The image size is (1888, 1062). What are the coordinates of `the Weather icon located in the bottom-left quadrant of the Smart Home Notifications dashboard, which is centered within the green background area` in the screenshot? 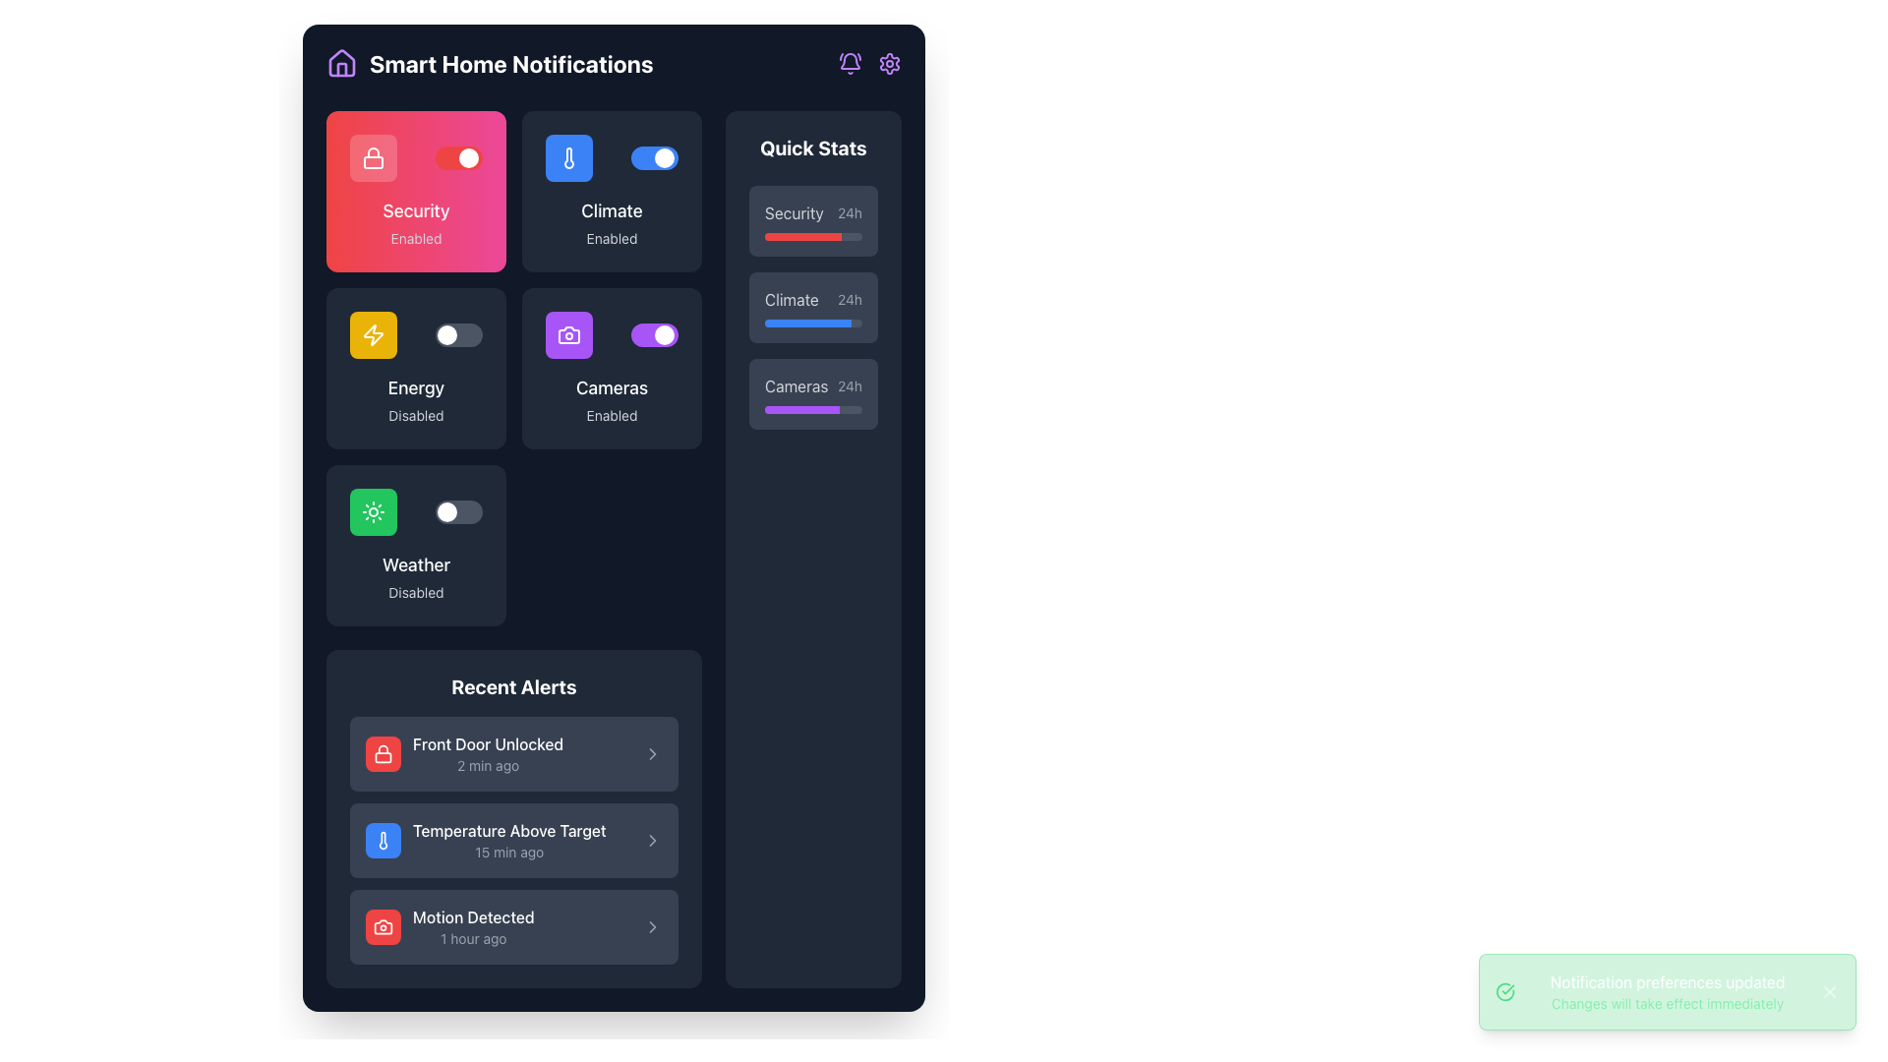 It's located at (373, 510).